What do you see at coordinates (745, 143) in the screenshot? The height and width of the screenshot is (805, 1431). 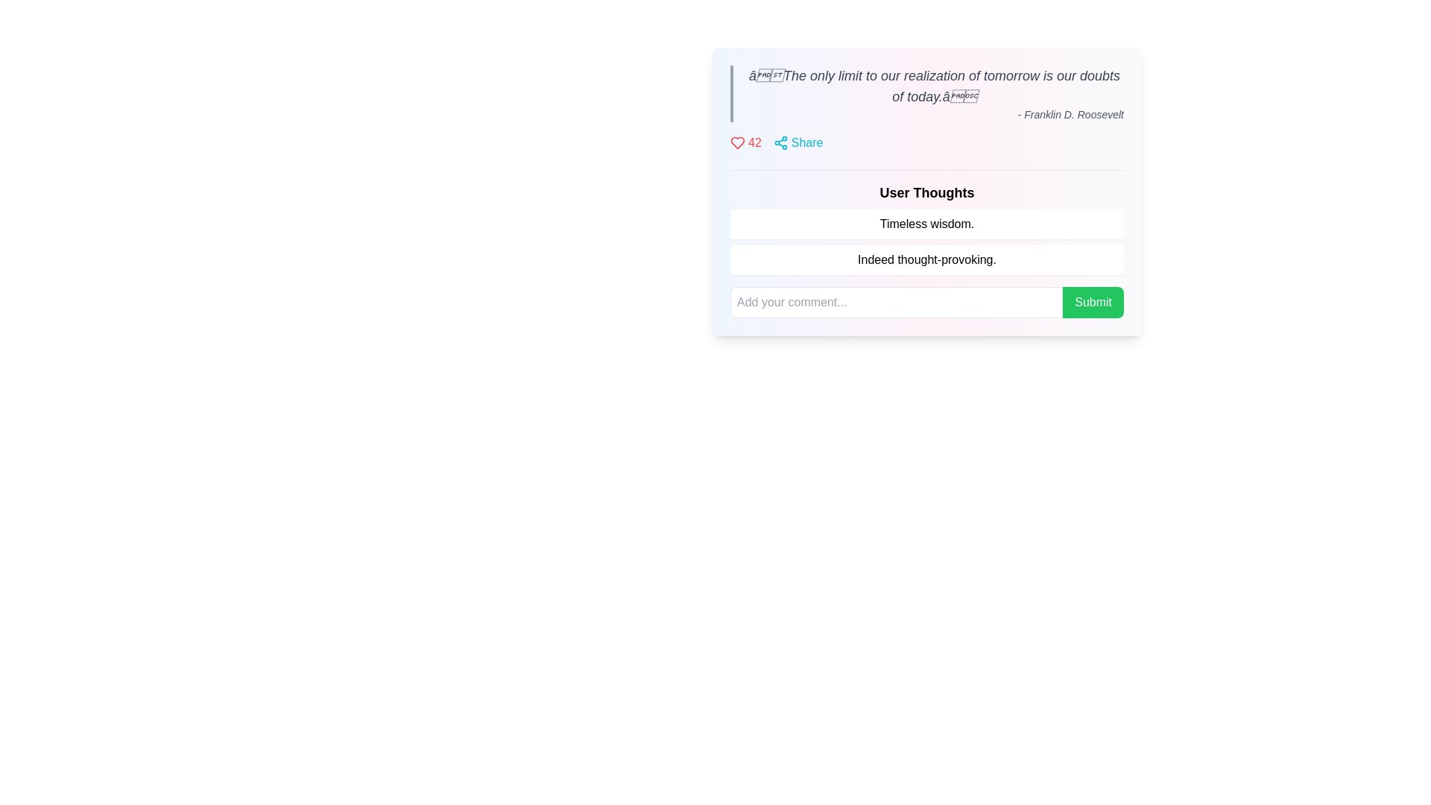 I see `the interactive label displaying the number of likes or favorites, which is positioned to the left of the 'Share' icon` at bounding box center [745, 143].